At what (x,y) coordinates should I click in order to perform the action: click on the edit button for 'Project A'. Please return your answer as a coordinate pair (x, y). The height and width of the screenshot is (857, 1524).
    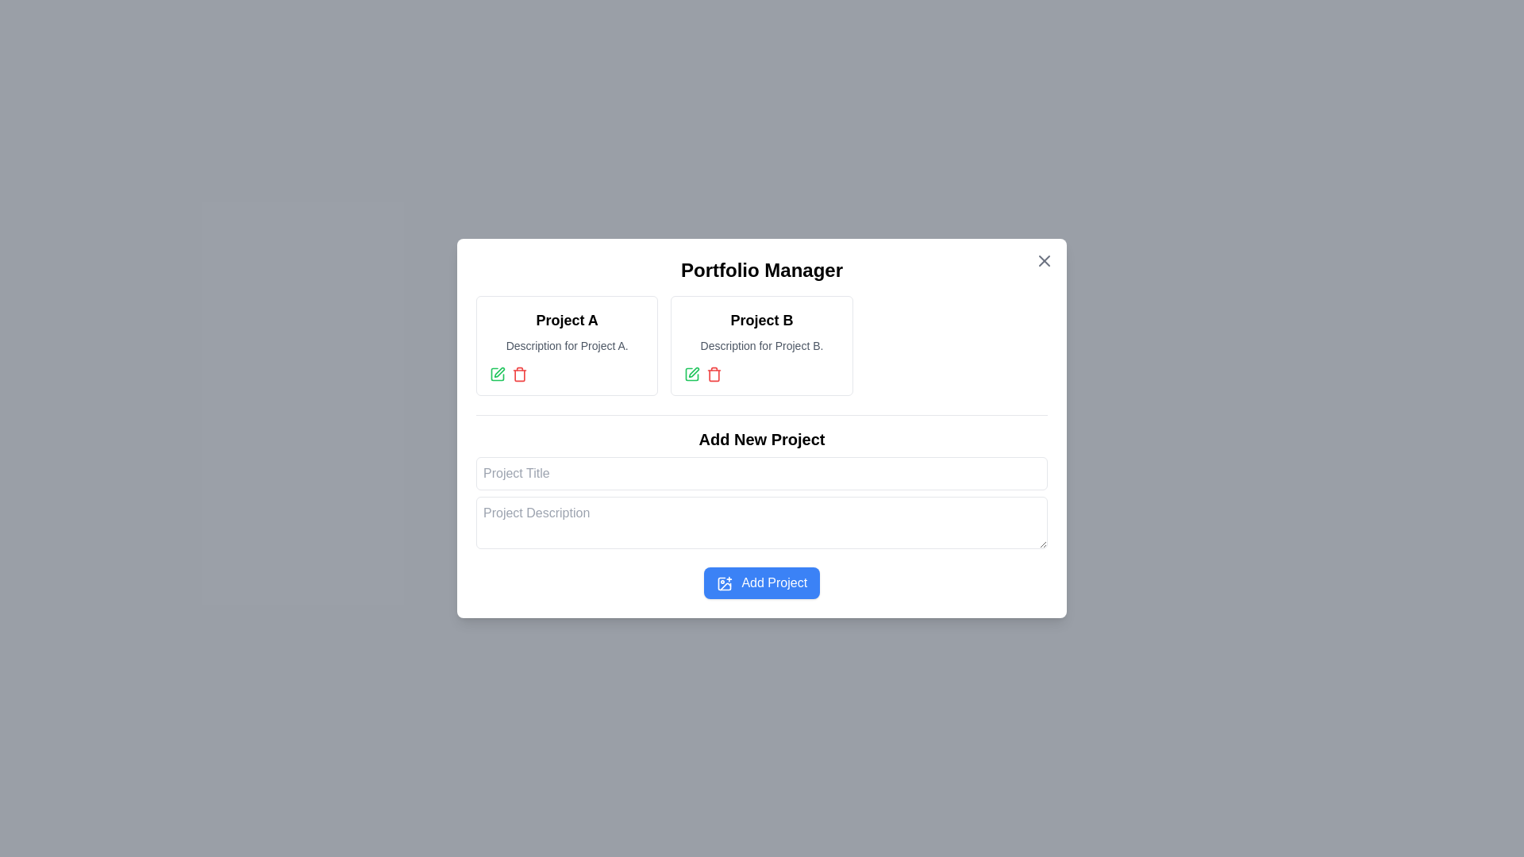
    Looking at the image, I should click on (497, 374).